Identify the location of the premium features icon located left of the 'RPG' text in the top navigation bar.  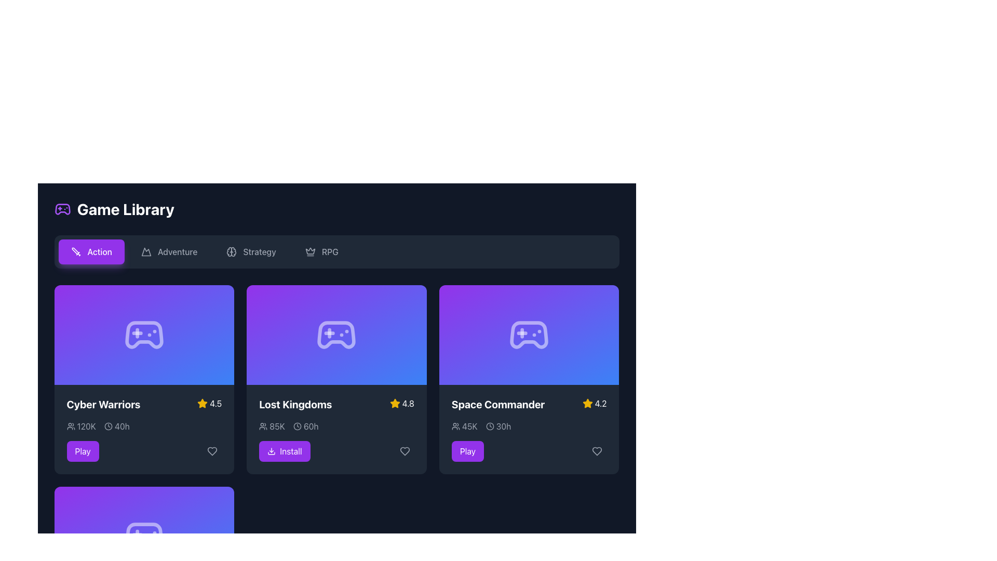
(309, 252).